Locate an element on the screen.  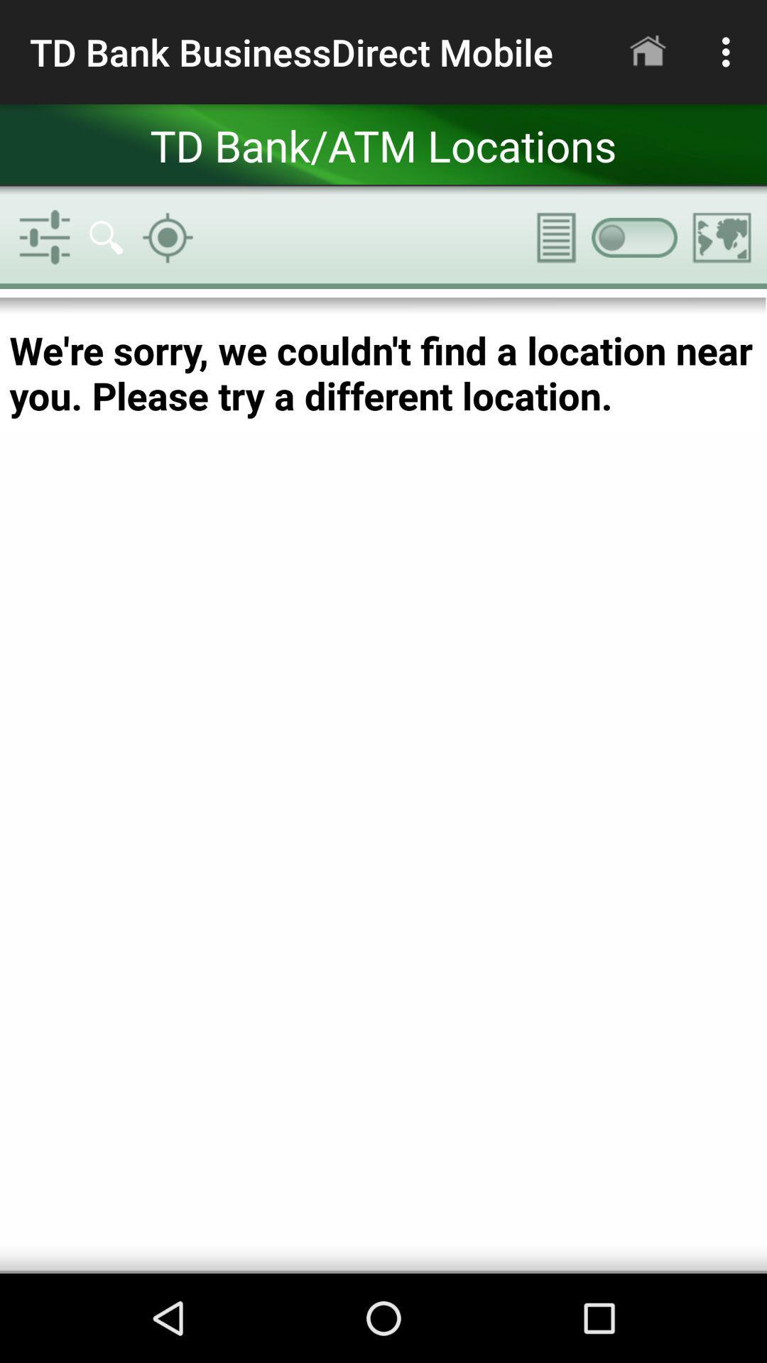
the item next to the td bank businessdirect icon is located at coordinates (647, 52).